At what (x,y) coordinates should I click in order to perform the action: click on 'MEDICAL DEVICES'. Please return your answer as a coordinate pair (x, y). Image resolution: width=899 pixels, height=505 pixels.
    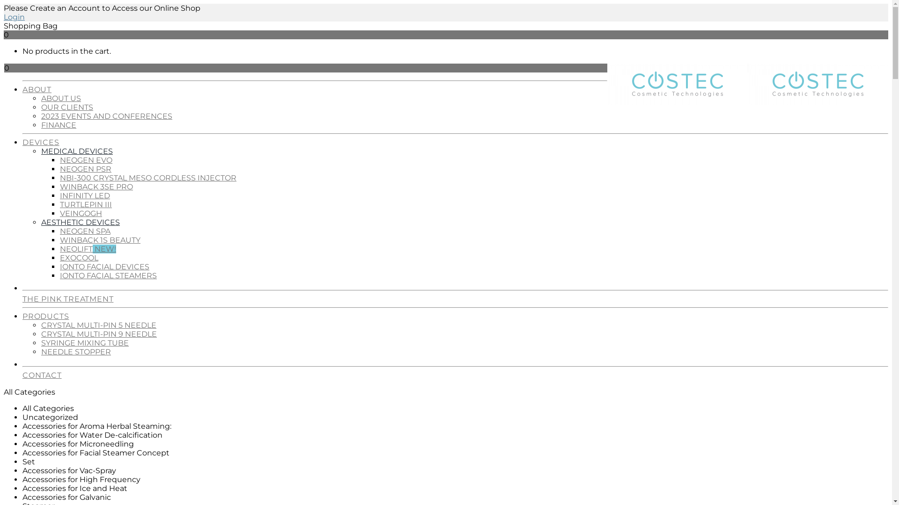
    Looking at the image, I should click on (77, 151).